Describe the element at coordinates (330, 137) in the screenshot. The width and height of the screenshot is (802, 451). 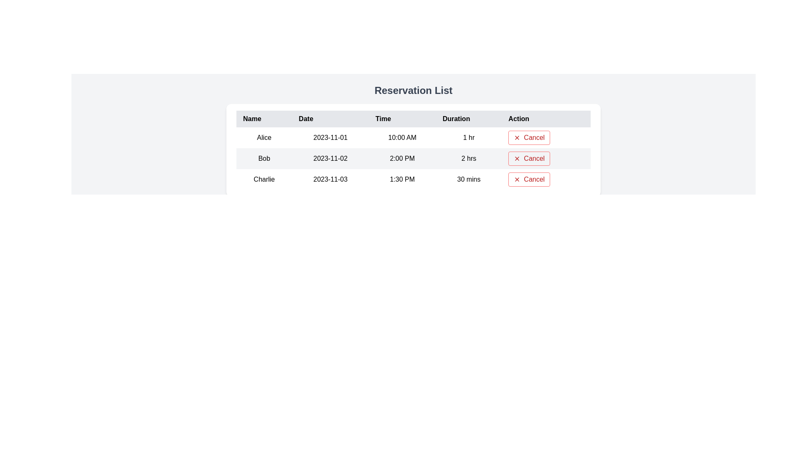
I see `the Text Display element that shows the reservation date for 'Alice' in the 'Date' column of the table` at that location.